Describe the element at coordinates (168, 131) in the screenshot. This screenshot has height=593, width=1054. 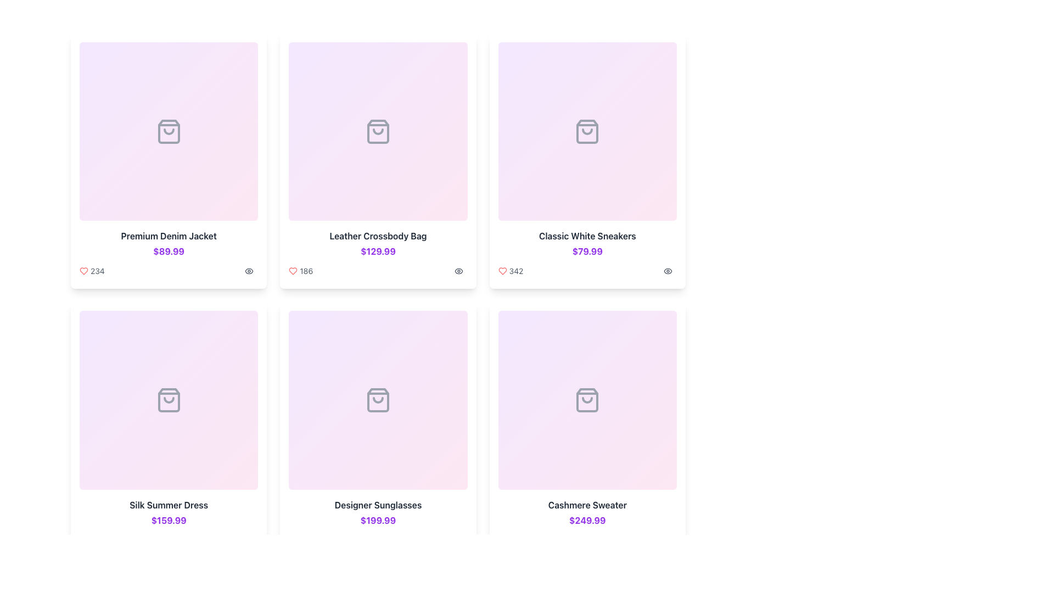
I see `the shopping bag icon located in the upper-left card of the grid layout, which is centered above the text 'Premium Denim Jacket' and its price` at that location.